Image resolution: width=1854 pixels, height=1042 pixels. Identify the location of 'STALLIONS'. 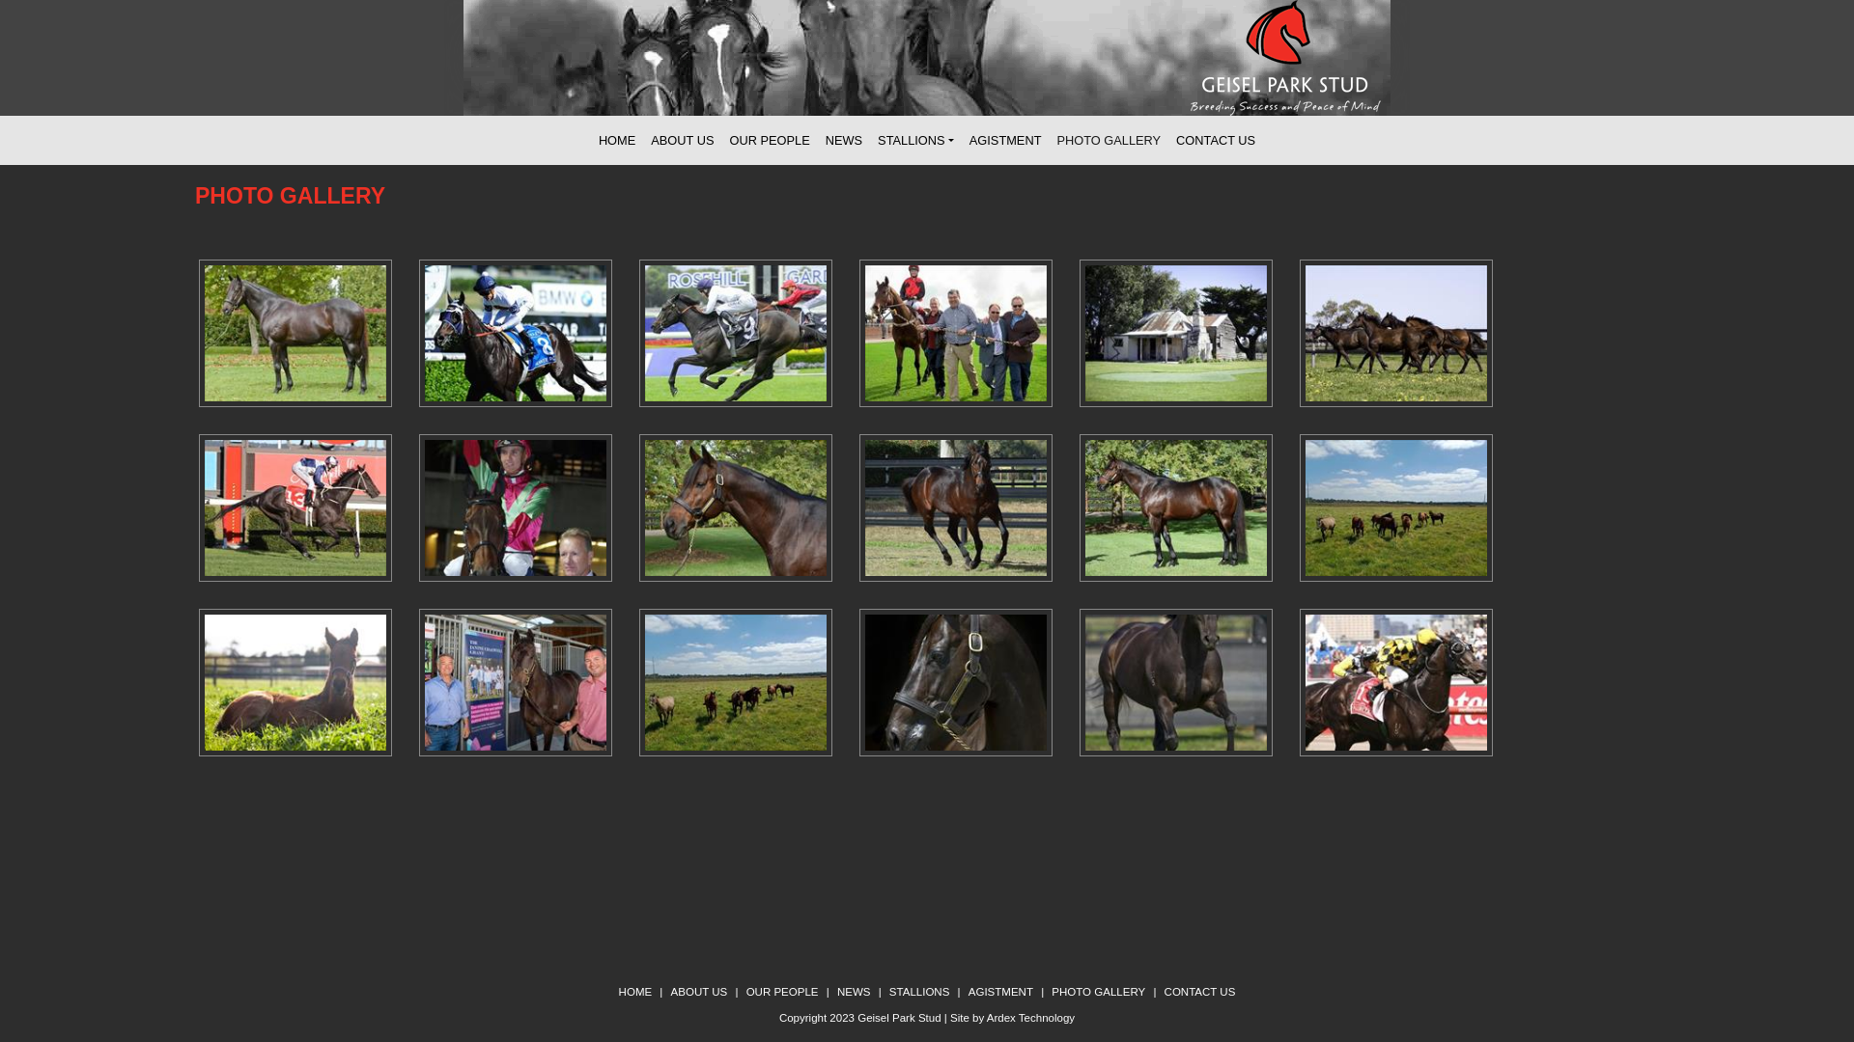
(888, 992).